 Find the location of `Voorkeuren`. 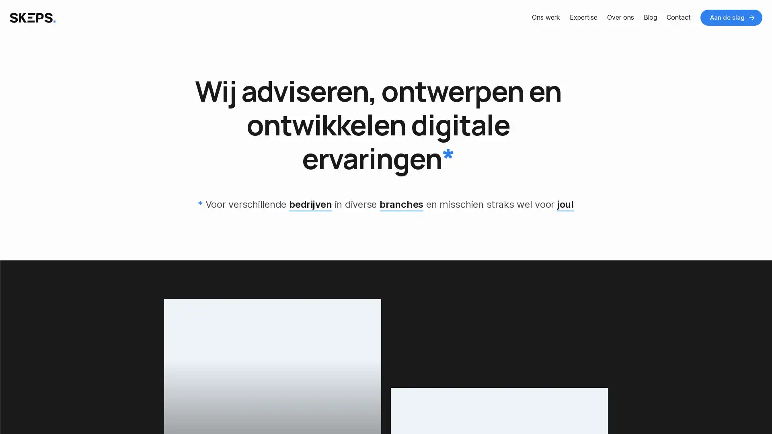

Voorkeuren is located at coordinates (81, 411).